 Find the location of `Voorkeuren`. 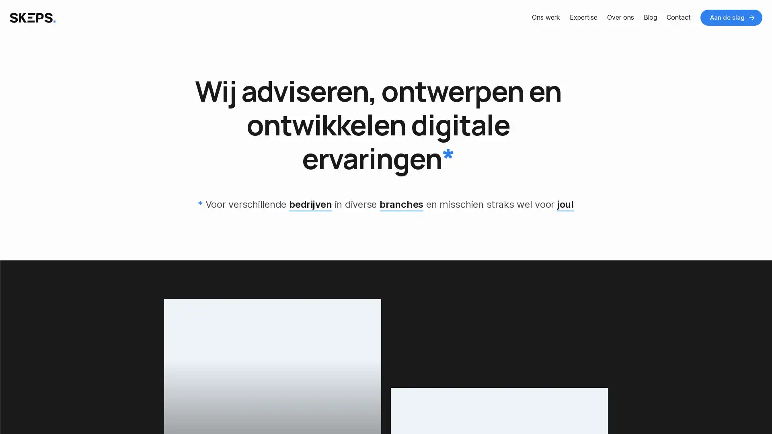

Voorkeuren is located at coordinates (81, 411).